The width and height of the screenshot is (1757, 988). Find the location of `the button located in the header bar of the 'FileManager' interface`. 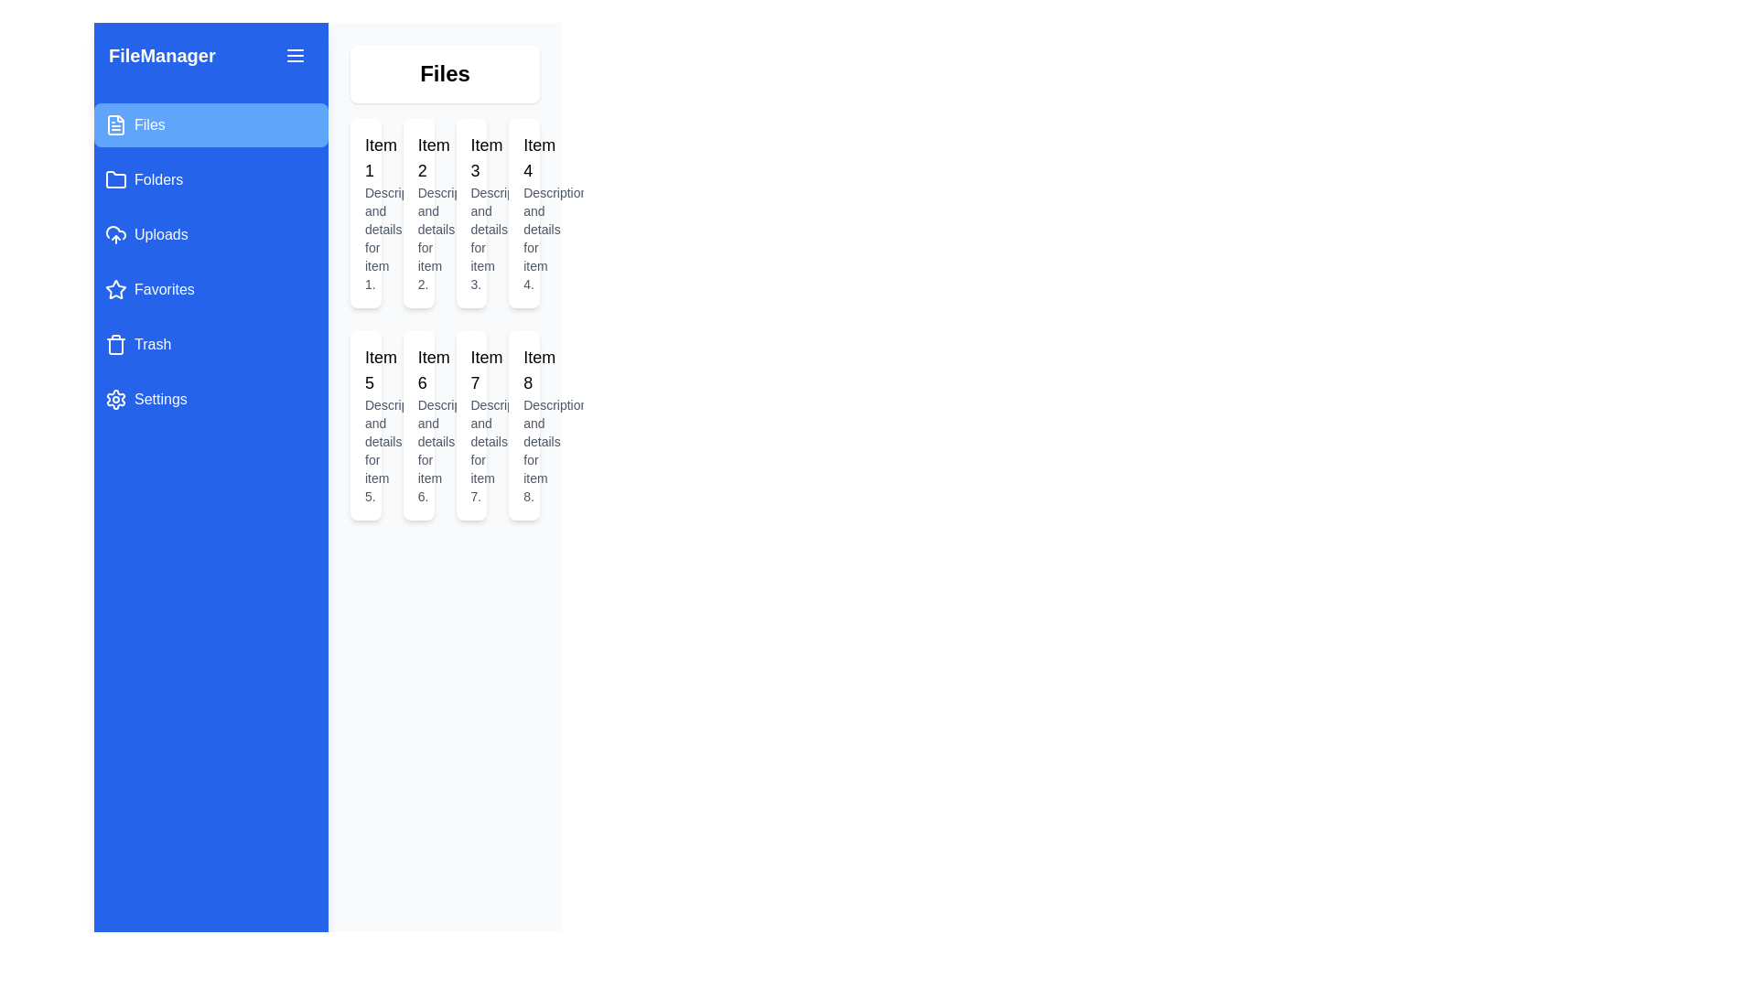

the button located in the header bar of the 'FileManager' interface is located at coordinates (295, 55).